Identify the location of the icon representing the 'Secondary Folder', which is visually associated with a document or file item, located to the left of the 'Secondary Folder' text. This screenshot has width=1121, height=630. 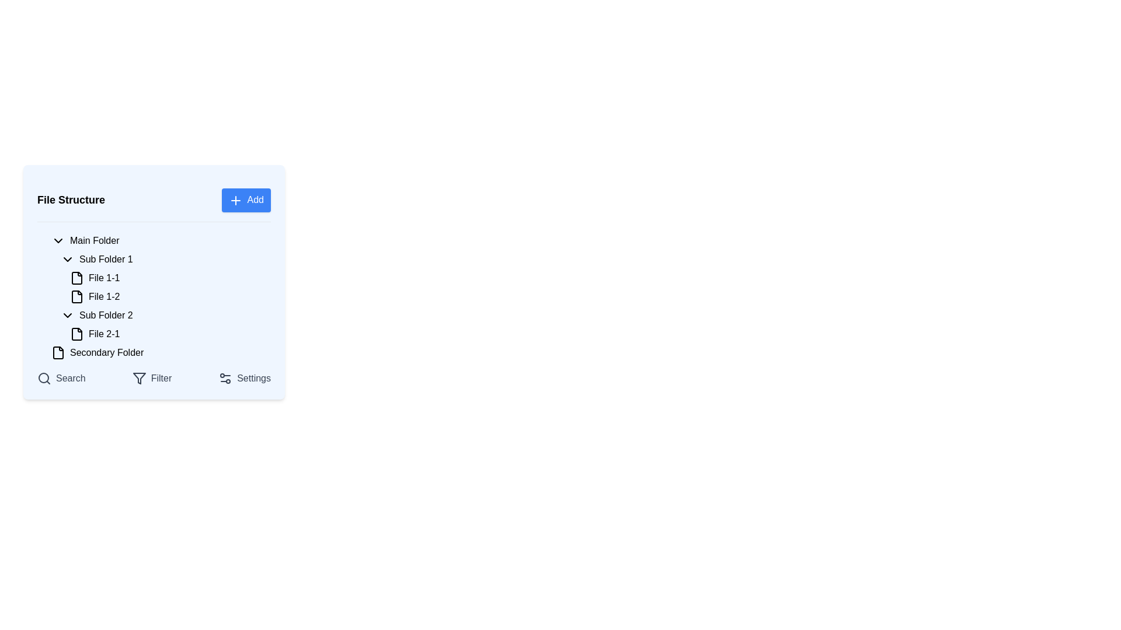
(58, 352).